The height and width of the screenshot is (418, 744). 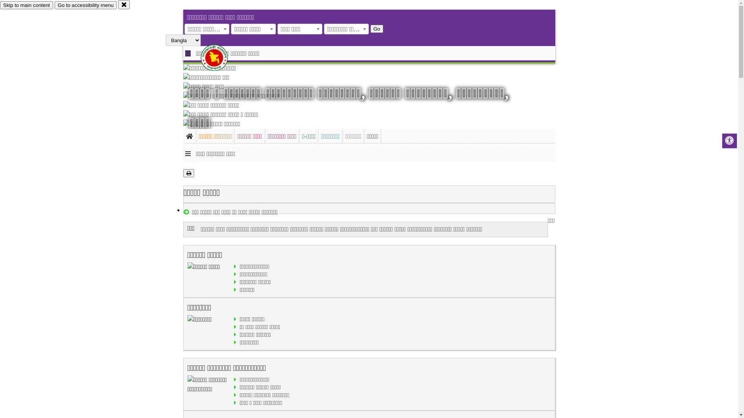 What do you see at coordinates (220, 57) in the screenshot?
I see `'` at bounding box center [220, 57].